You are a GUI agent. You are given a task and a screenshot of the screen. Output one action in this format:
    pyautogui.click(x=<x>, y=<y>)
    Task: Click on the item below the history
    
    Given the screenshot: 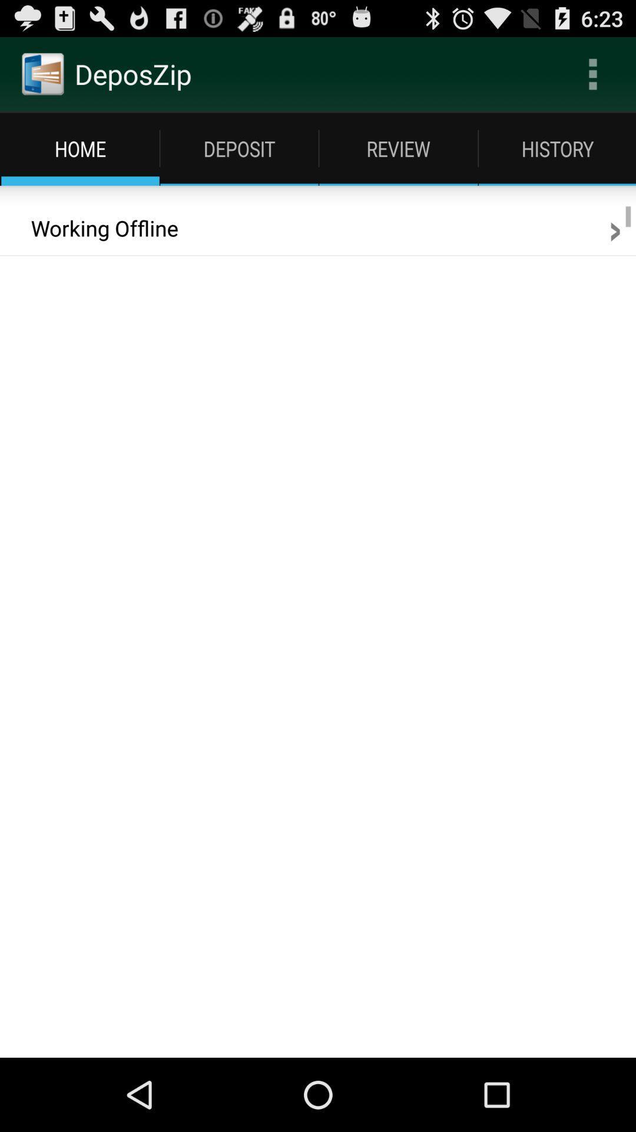 What is the action you would take?
    pyautogui.click(x=614, y=228)
    